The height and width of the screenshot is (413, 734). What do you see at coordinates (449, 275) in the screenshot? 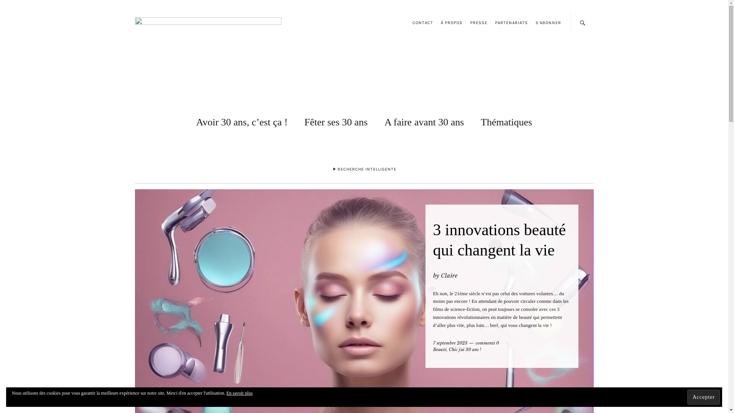
I see `'Claire'` at bounding box center [449, 275].